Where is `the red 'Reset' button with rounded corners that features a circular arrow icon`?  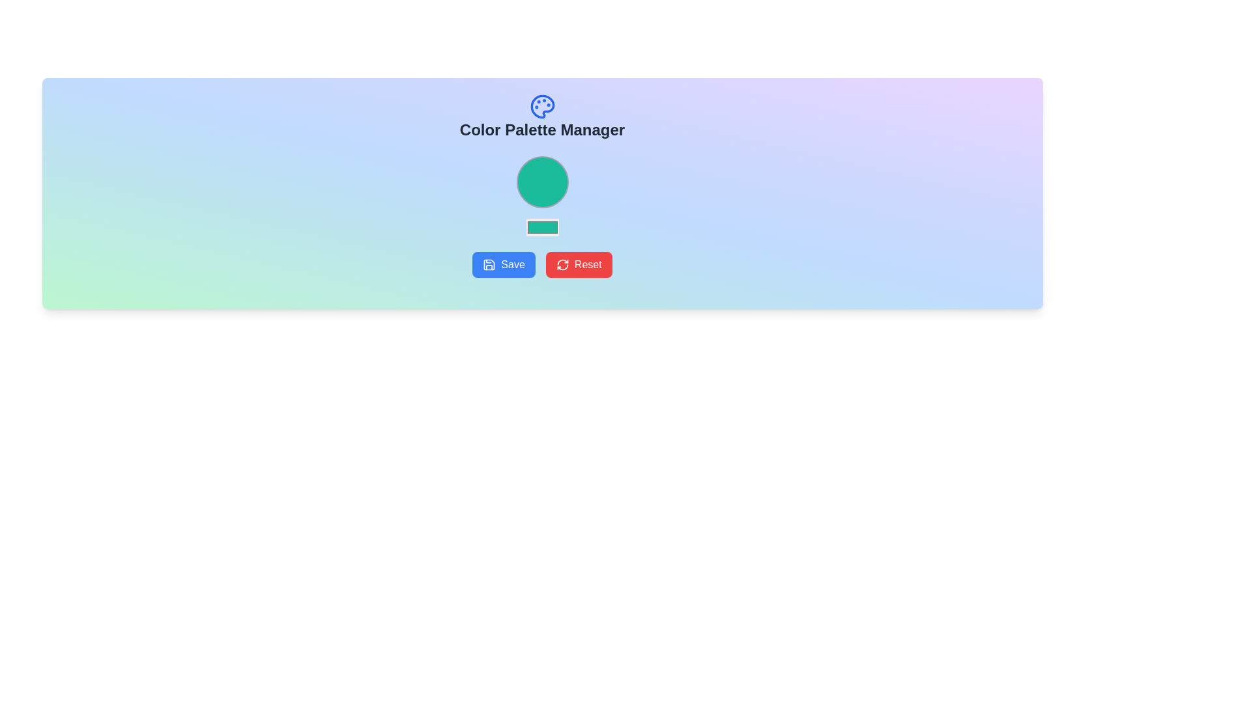 the red 'Reset' button with rounded corners that features a circular arrow icon is located at coordinates (578, 264).